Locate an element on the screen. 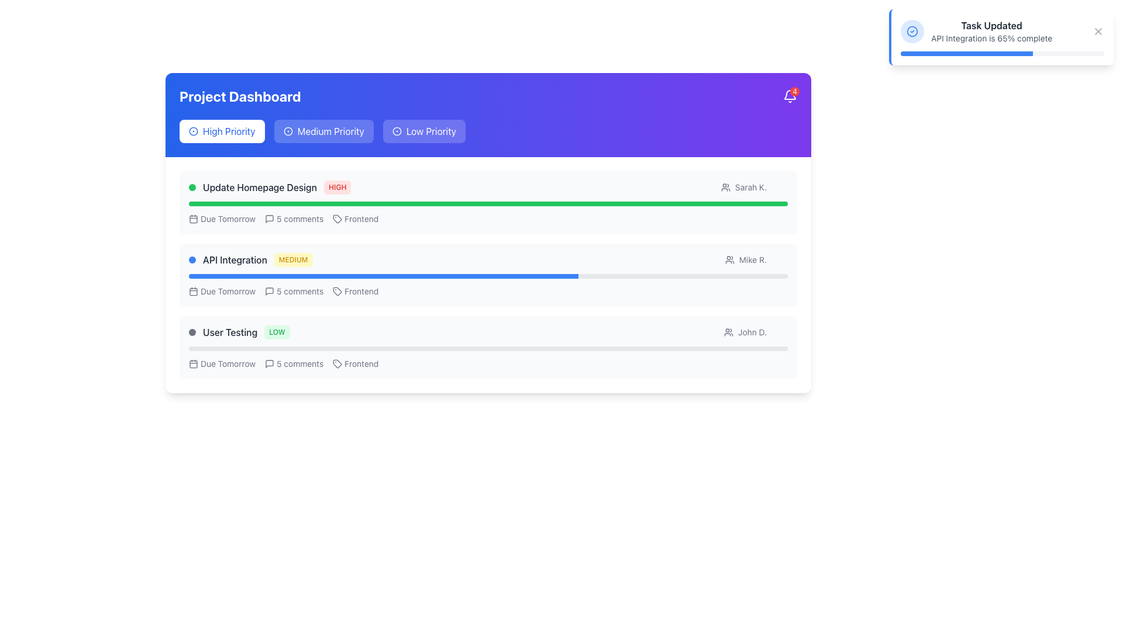 Image resolution: width=1123 pixels, height=631 pixels. text content of the label located in the third row under 'User Testing', immediately to the right of a tag-shaped icon is located at coordinates (361, 363).